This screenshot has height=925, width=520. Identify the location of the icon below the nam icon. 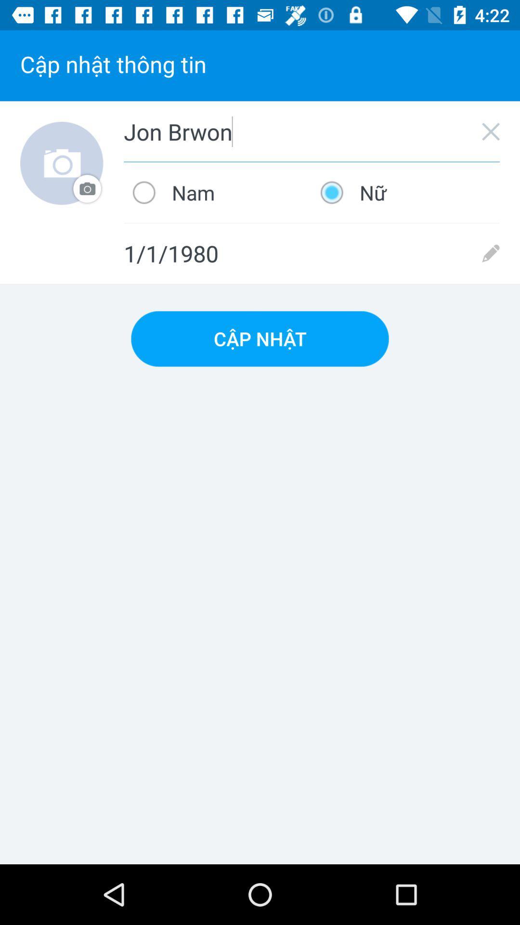
(312, 253).